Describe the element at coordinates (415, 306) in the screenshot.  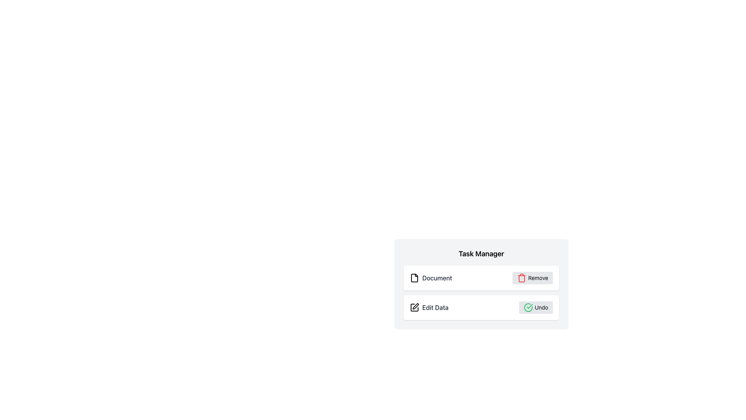
I see `the pen-like icon indicating editing functionality located within the 'Edit Data' button on the bottom row of the Task Manager panel` at that location.